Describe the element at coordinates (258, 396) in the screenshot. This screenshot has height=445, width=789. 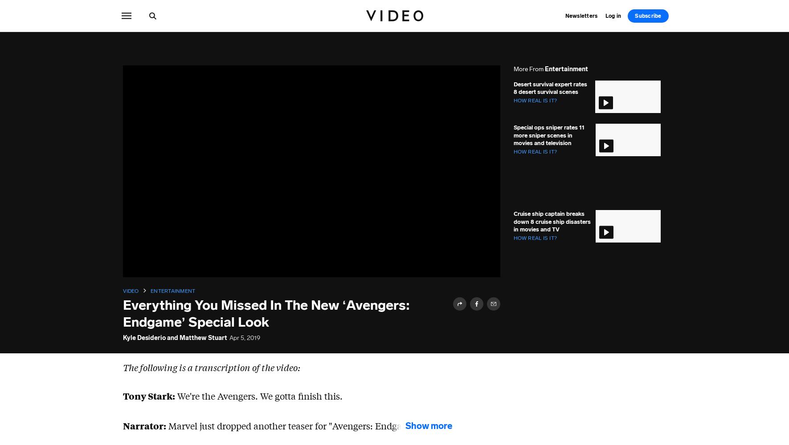
I see `'We're the Avengers. We gotta finish this.'` at that location.